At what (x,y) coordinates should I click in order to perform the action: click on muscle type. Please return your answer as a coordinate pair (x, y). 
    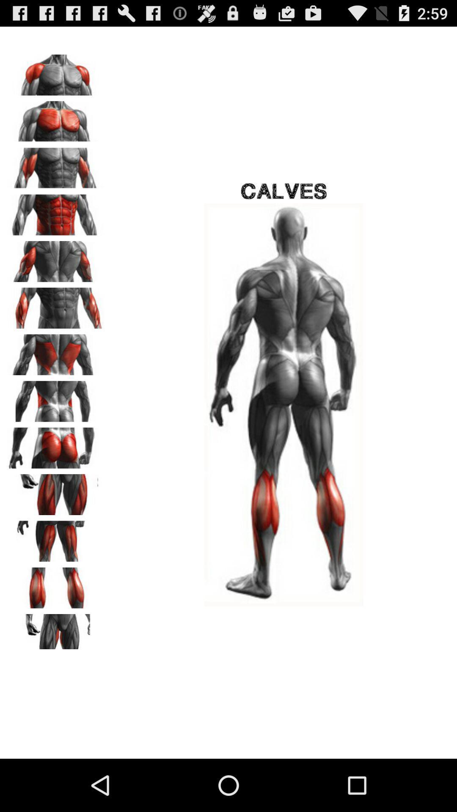
    Looking at the image, I should click on (55, 491).